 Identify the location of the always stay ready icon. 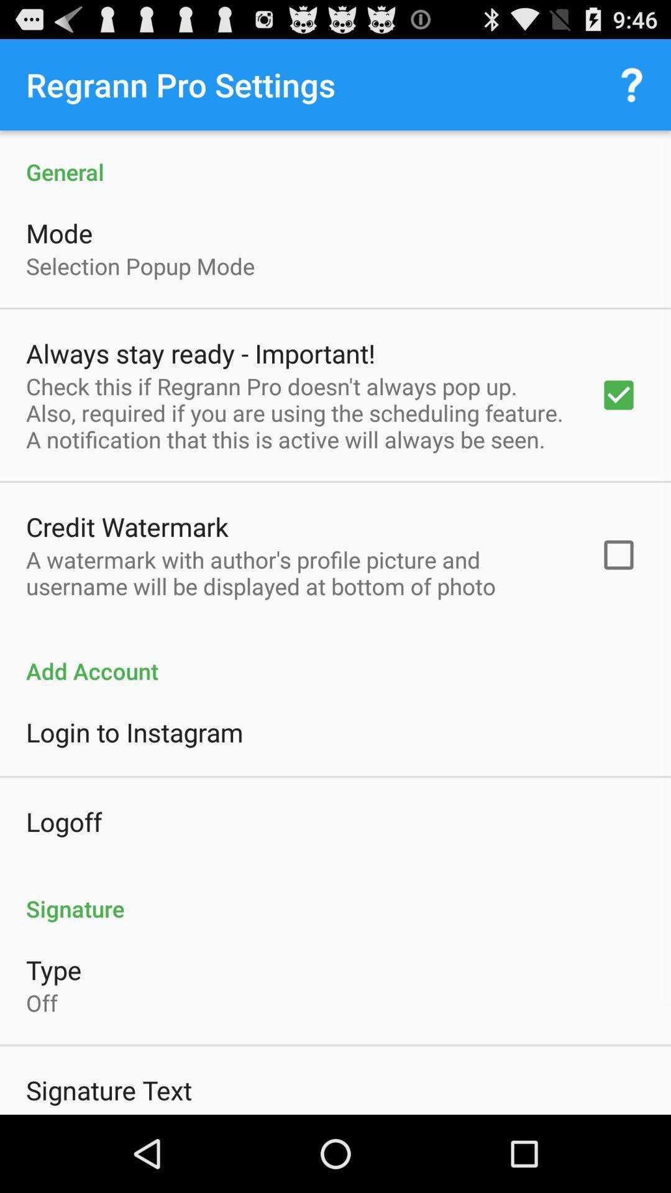
(199, 352).